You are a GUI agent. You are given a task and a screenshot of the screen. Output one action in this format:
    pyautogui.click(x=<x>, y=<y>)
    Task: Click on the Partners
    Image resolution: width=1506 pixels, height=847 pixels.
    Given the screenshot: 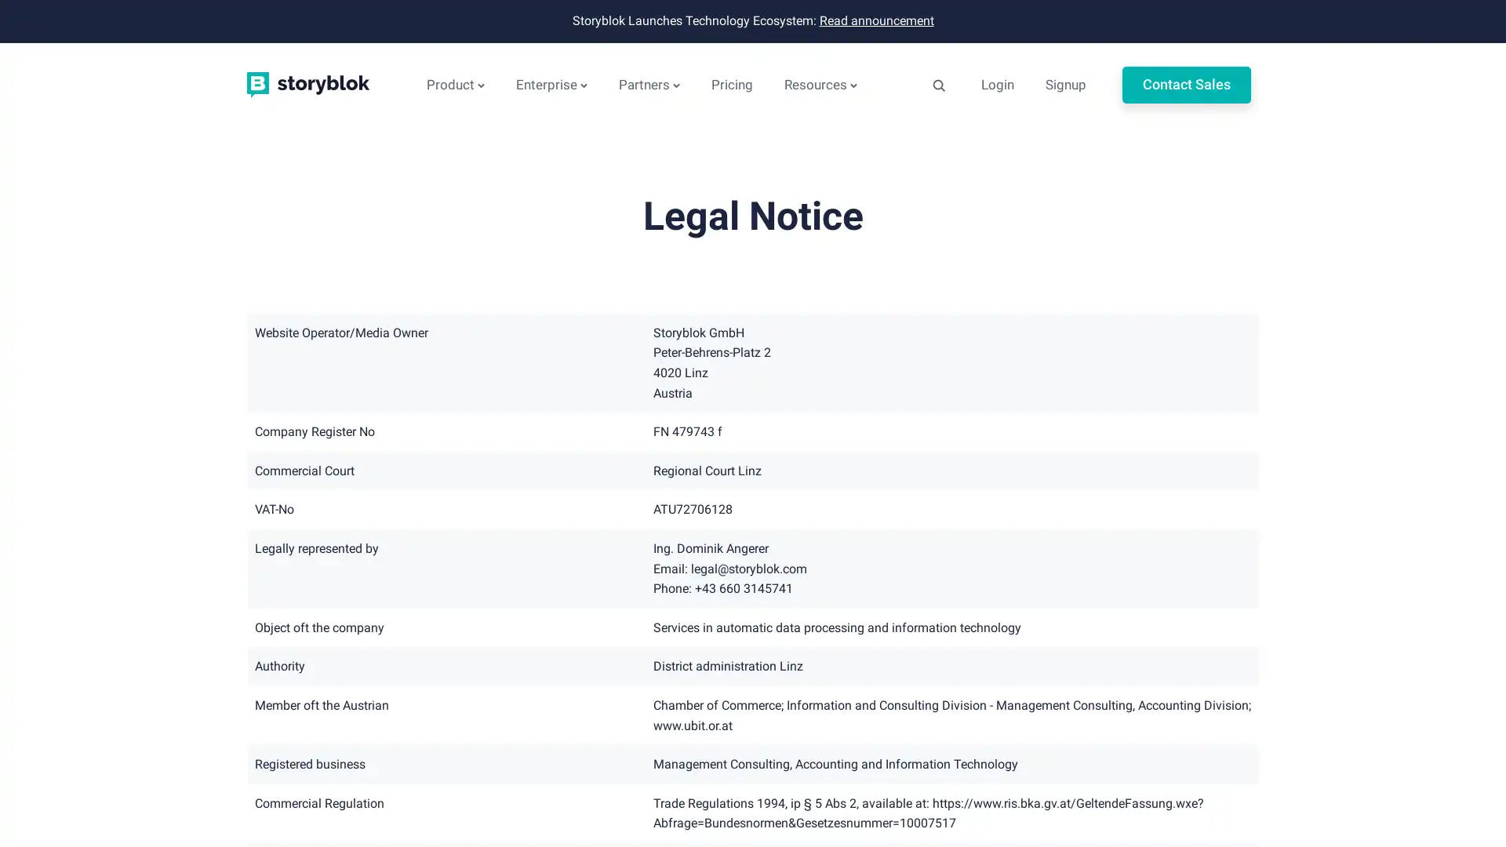 What is the action you would take?
    pyautogui.click(x=649, y=85)
    